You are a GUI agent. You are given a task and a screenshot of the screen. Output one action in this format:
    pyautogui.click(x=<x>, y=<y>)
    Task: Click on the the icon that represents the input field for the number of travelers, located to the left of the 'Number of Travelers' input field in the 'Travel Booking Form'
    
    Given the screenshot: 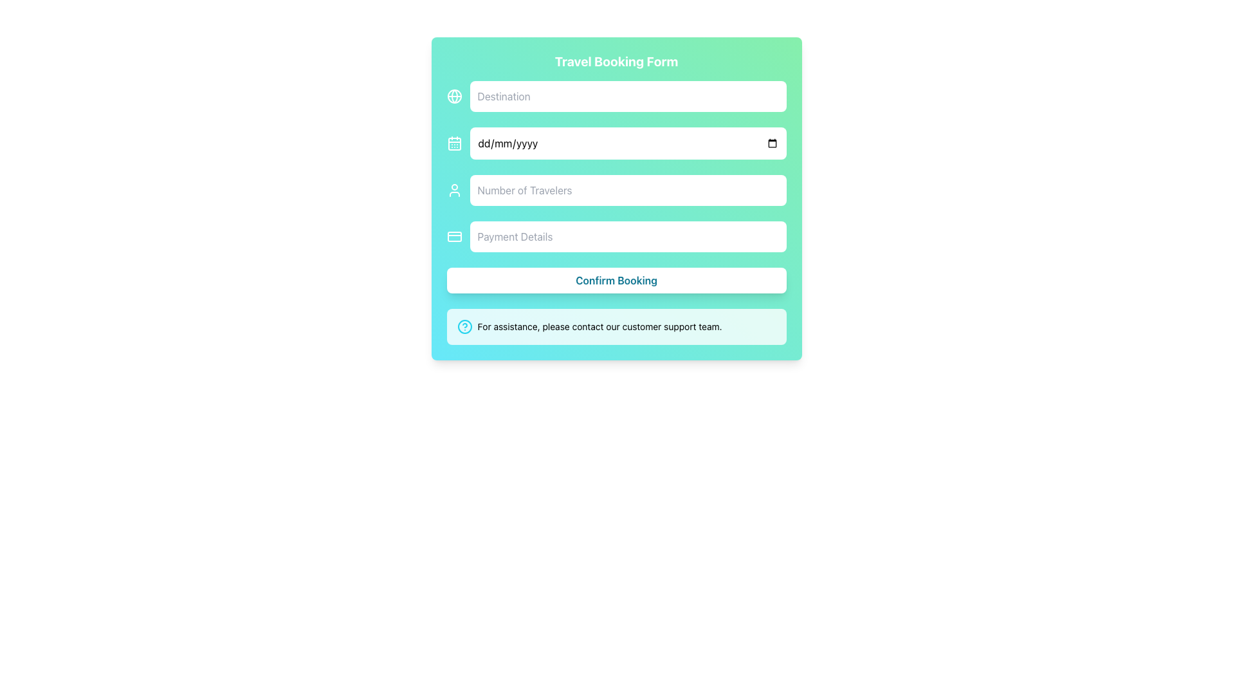 What is the action you would take?
    pyautogui.click(x=454, y=190)
    